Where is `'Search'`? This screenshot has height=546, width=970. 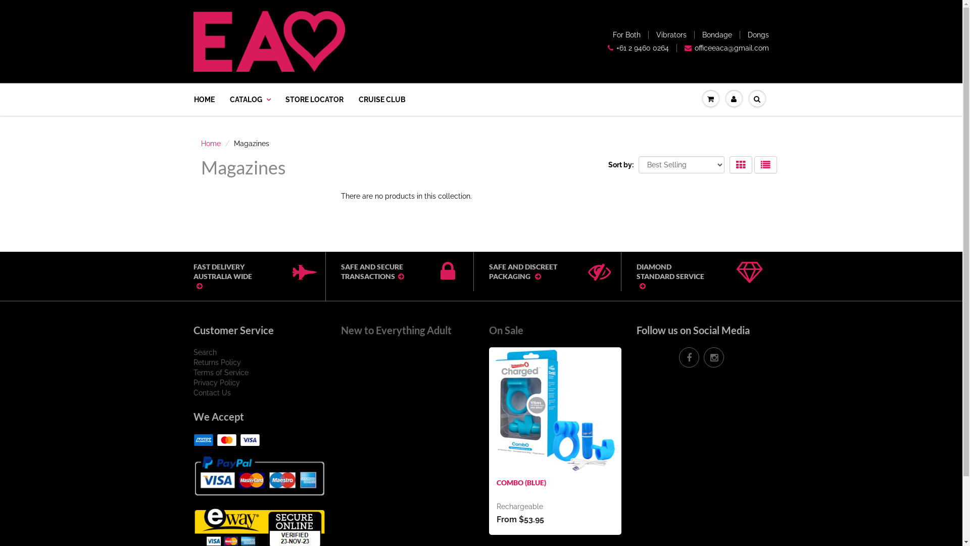 'Search' is located at coordinates (204, 352).